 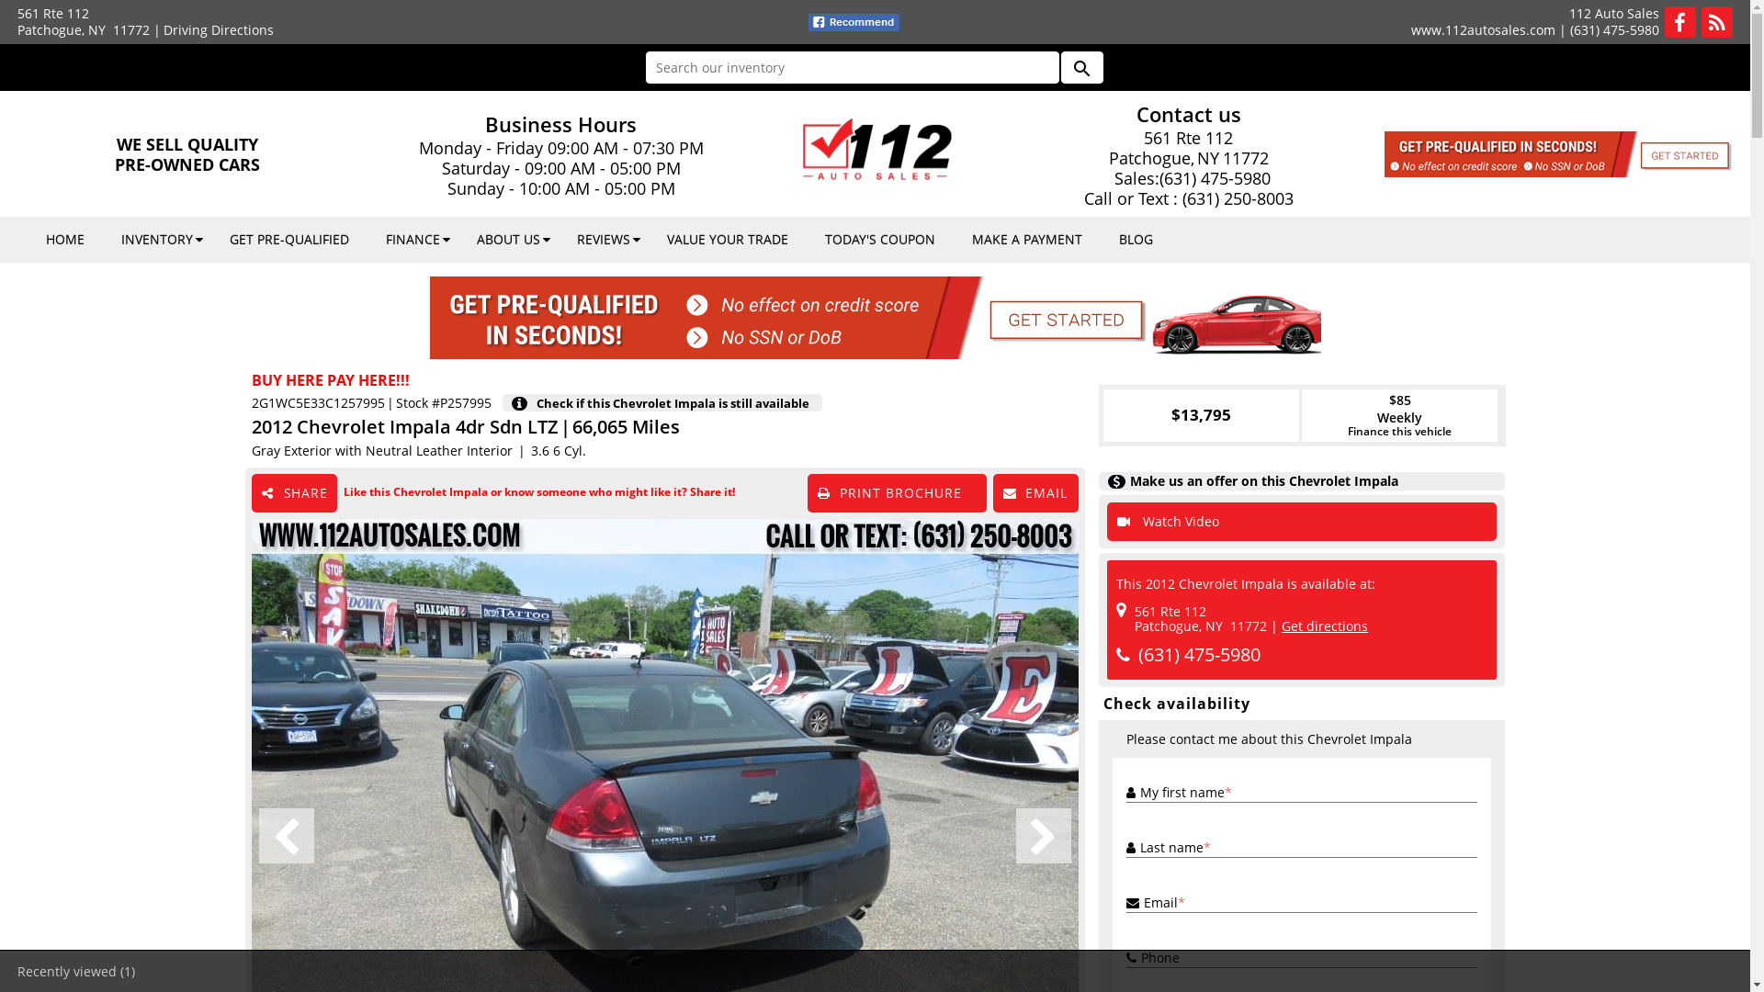 I want to click on 'EMAIL', so click(x=991, y=491).